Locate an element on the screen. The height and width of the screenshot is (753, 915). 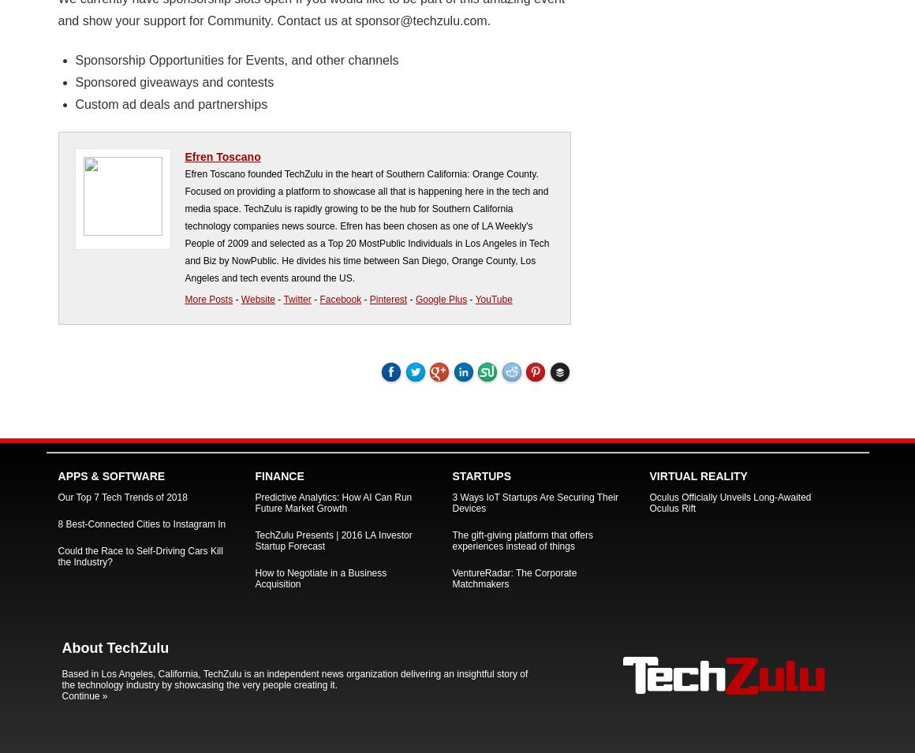
'Share' is located at coordinates (493, 375).